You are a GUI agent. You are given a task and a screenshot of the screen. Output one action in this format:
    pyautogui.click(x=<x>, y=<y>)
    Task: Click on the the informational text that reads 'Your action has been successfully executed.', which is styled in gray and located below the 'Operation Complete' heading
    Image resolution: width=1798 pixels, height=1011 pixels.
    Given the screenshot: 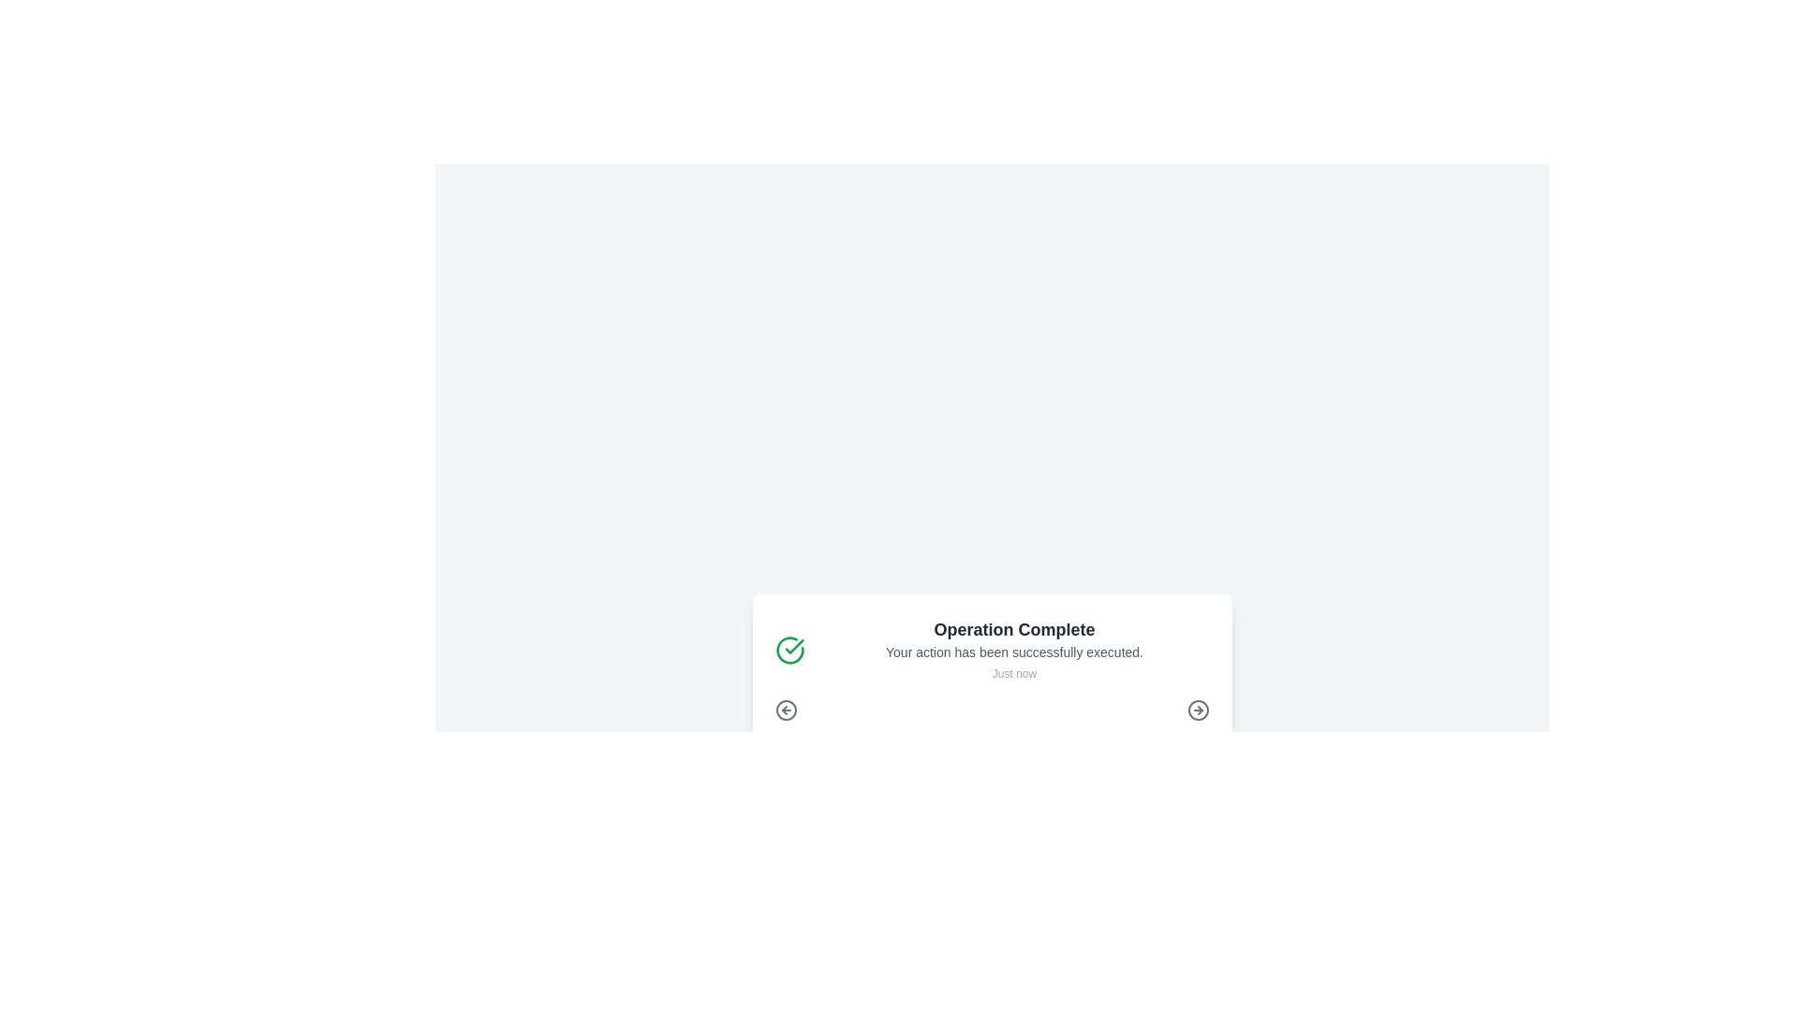 What is the action you would take?
    pyautogui.click(x=1013, y=652)
    